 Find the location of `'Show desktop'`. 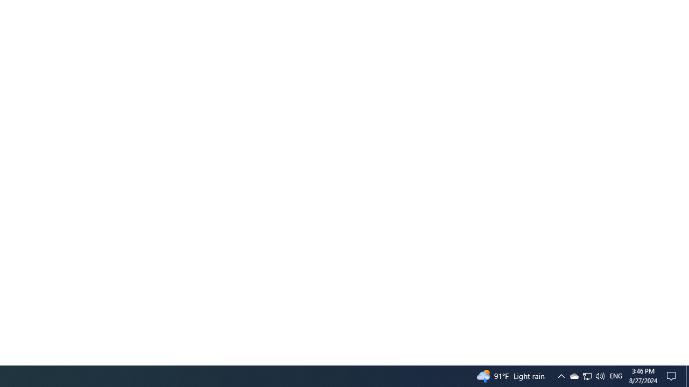

'Show desktop' is located at coordinates (684, 361).